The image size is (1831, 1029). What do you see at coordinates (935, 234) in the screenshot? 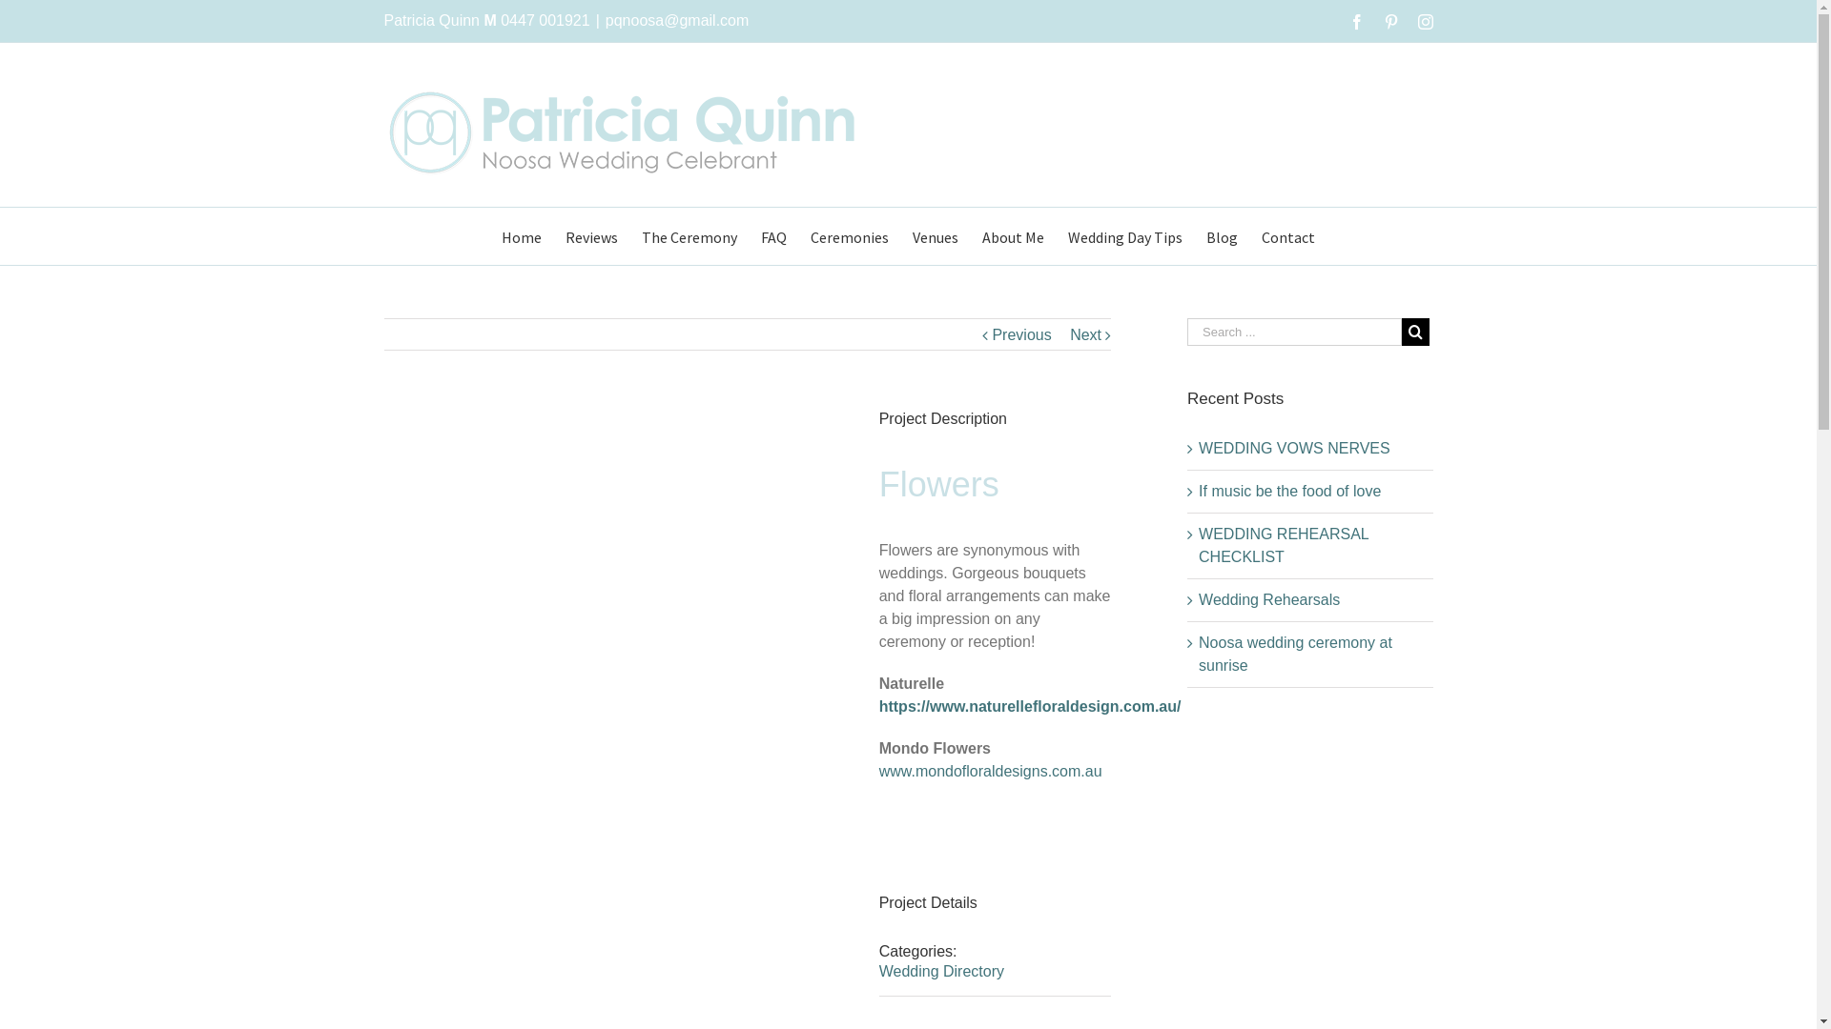
I see `'Venues'` at bounding box center [935, 234].